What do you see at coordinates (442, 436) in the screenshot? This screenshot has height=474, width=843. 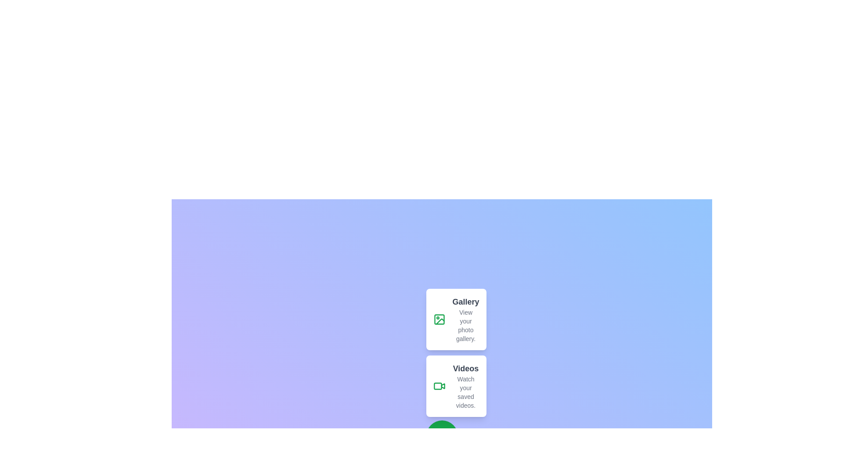 I see `the toggle button to open or close the menu` at bounding box center [442, 436].